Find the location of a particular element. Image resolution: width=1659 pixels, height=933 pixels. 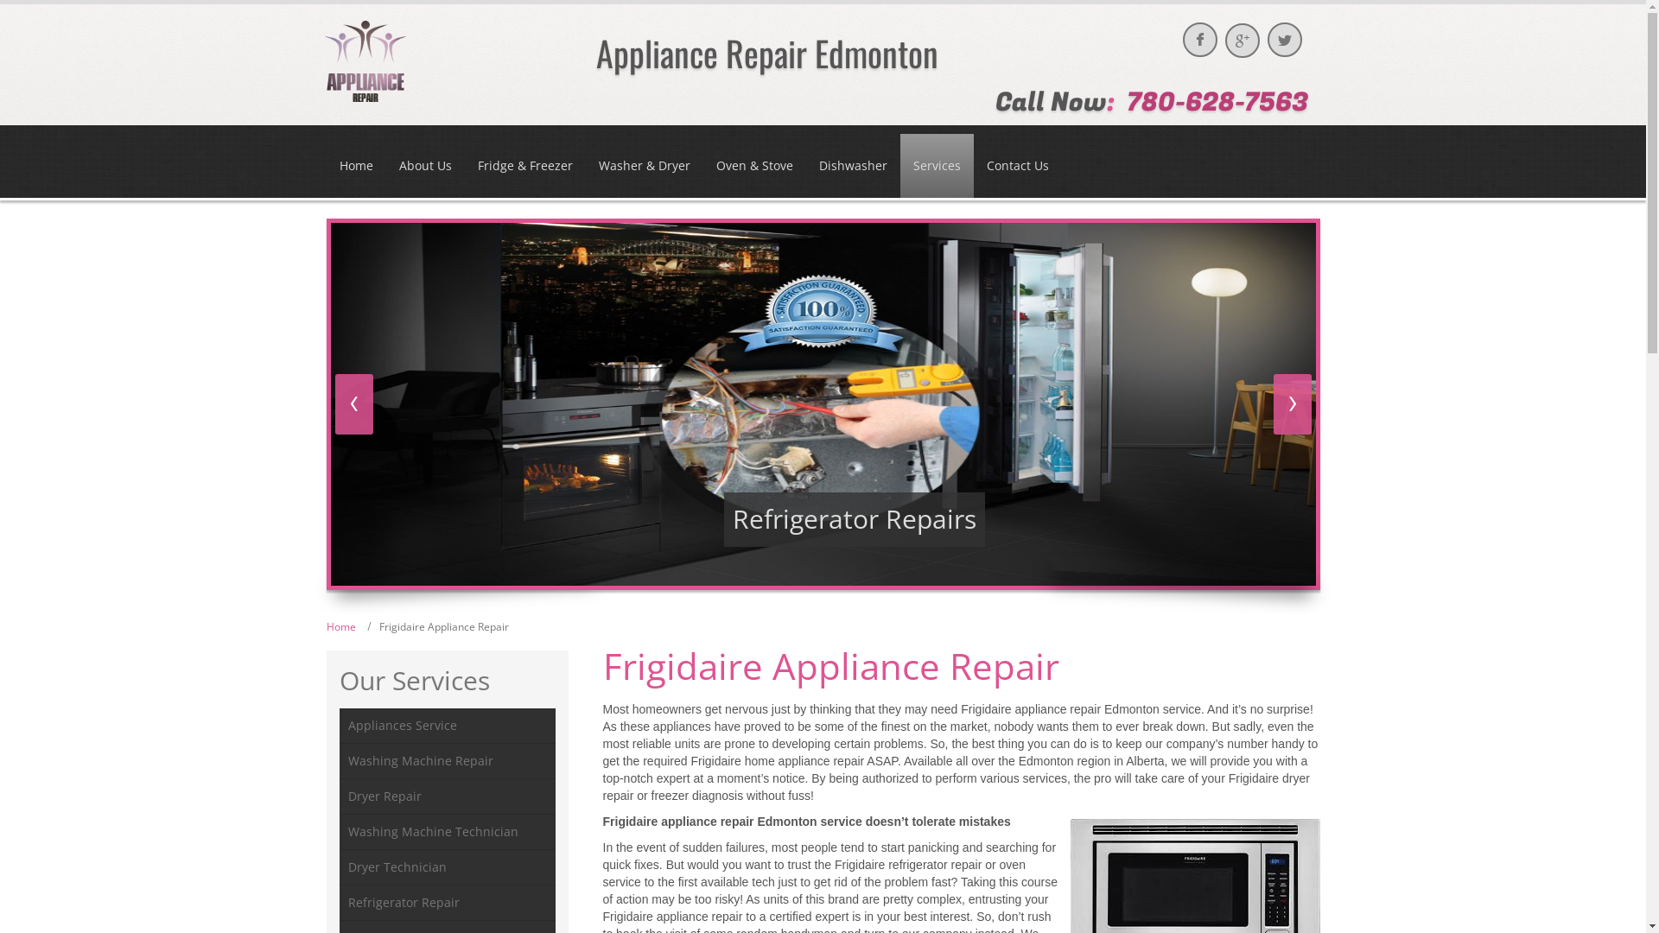

'780-628-7563' is located at coordinates (1217, 103).